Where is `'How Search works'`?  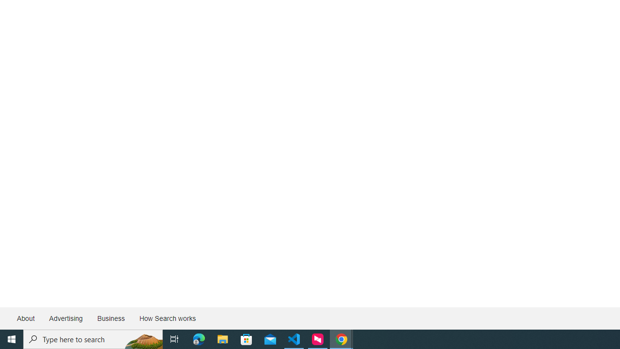
'How Search works' is located at coordinates (167, 318).